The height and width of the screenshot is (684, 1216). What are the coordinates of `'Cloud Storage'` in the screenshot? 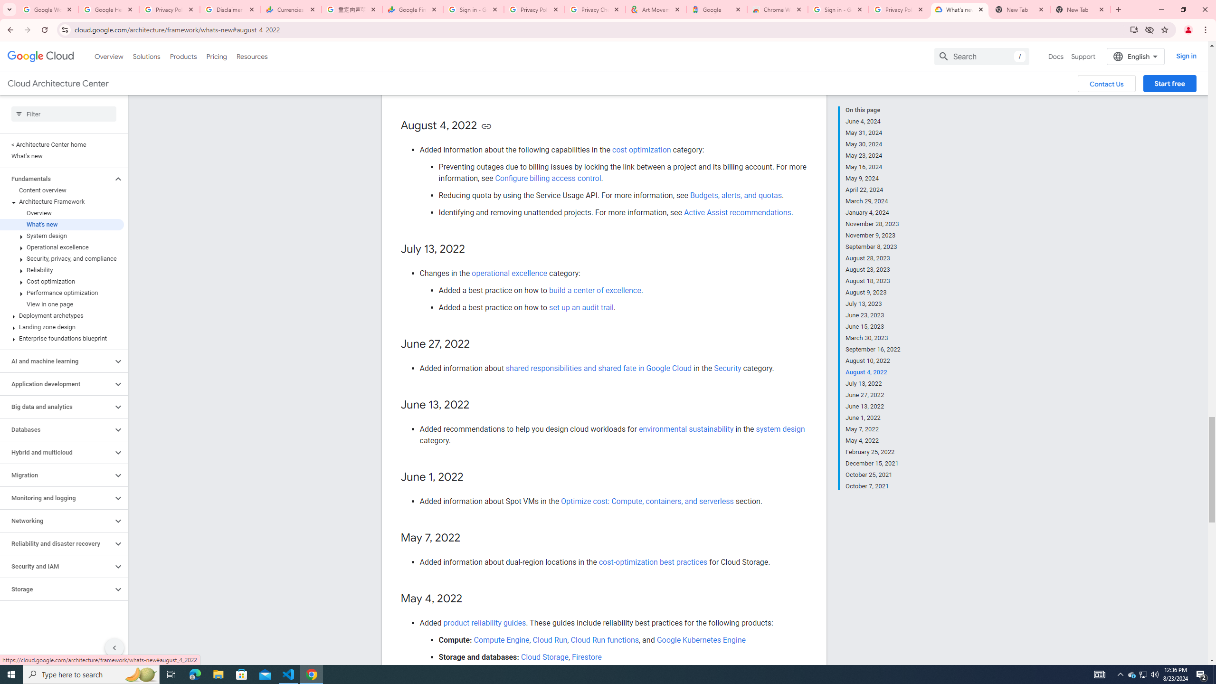 It's located at (544, 656).